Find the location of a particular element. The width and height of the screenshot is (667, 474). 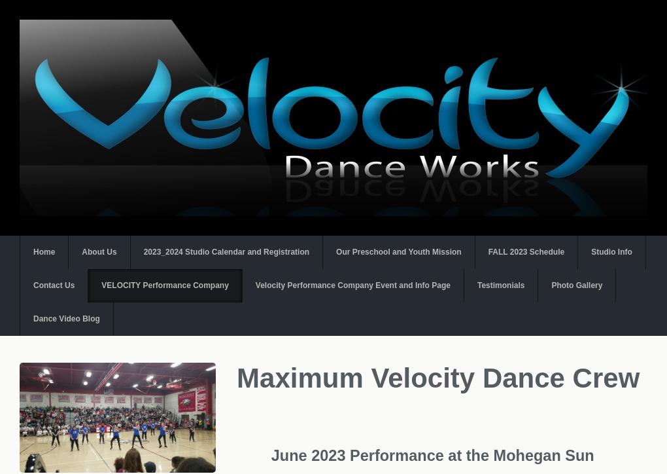

'2023_2024 Studio Calendar and Registration' is located at coordinates (225, 252).